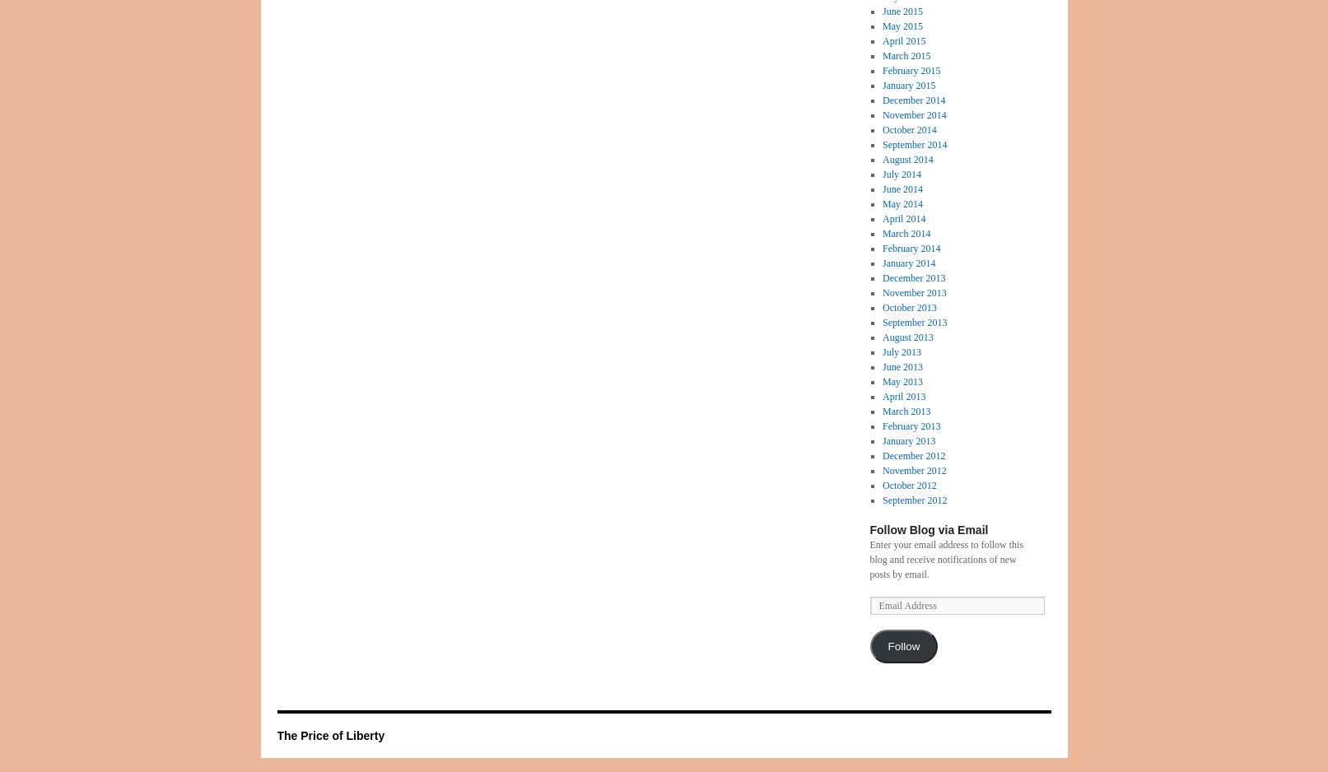  What do you see at coordinates (911, 425) in the screenshot?
I see `'February 2013'` at bounding box center [911, 425].